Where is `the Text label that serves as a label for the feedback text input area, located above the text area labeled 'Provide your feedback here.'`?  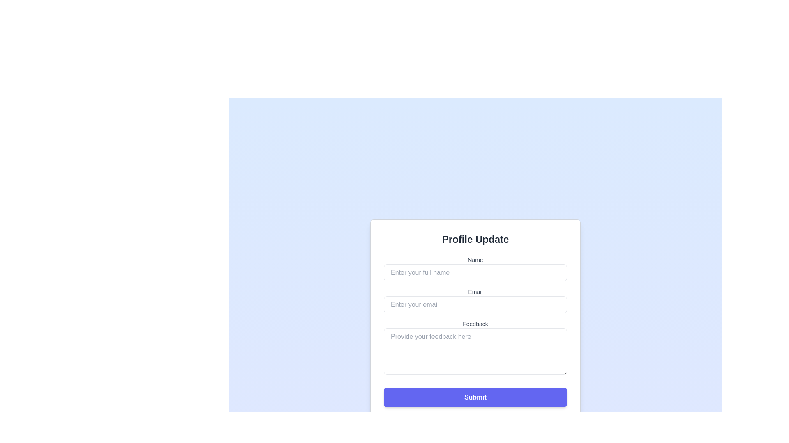 the Text label that serves as a label for the feedback text input area, located above the text area labeled 'Provide your feedback here.' is located at coordinates (475, 323).